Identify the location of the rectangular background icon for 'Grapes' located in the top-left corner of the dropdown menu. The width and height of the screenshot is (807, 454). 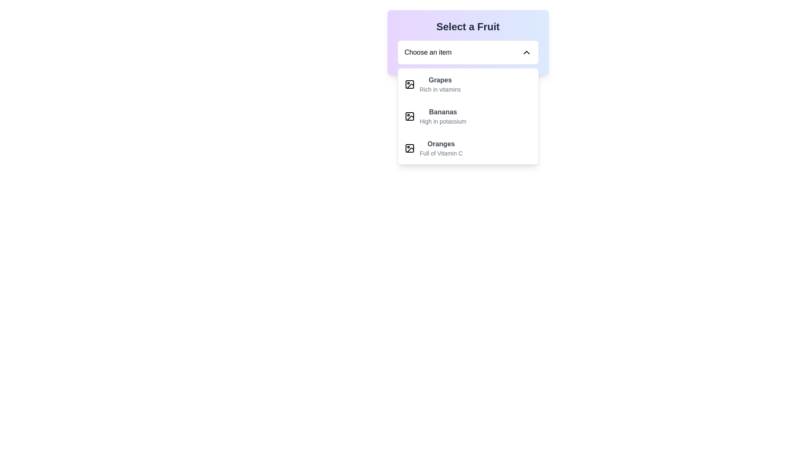
(409, 84).